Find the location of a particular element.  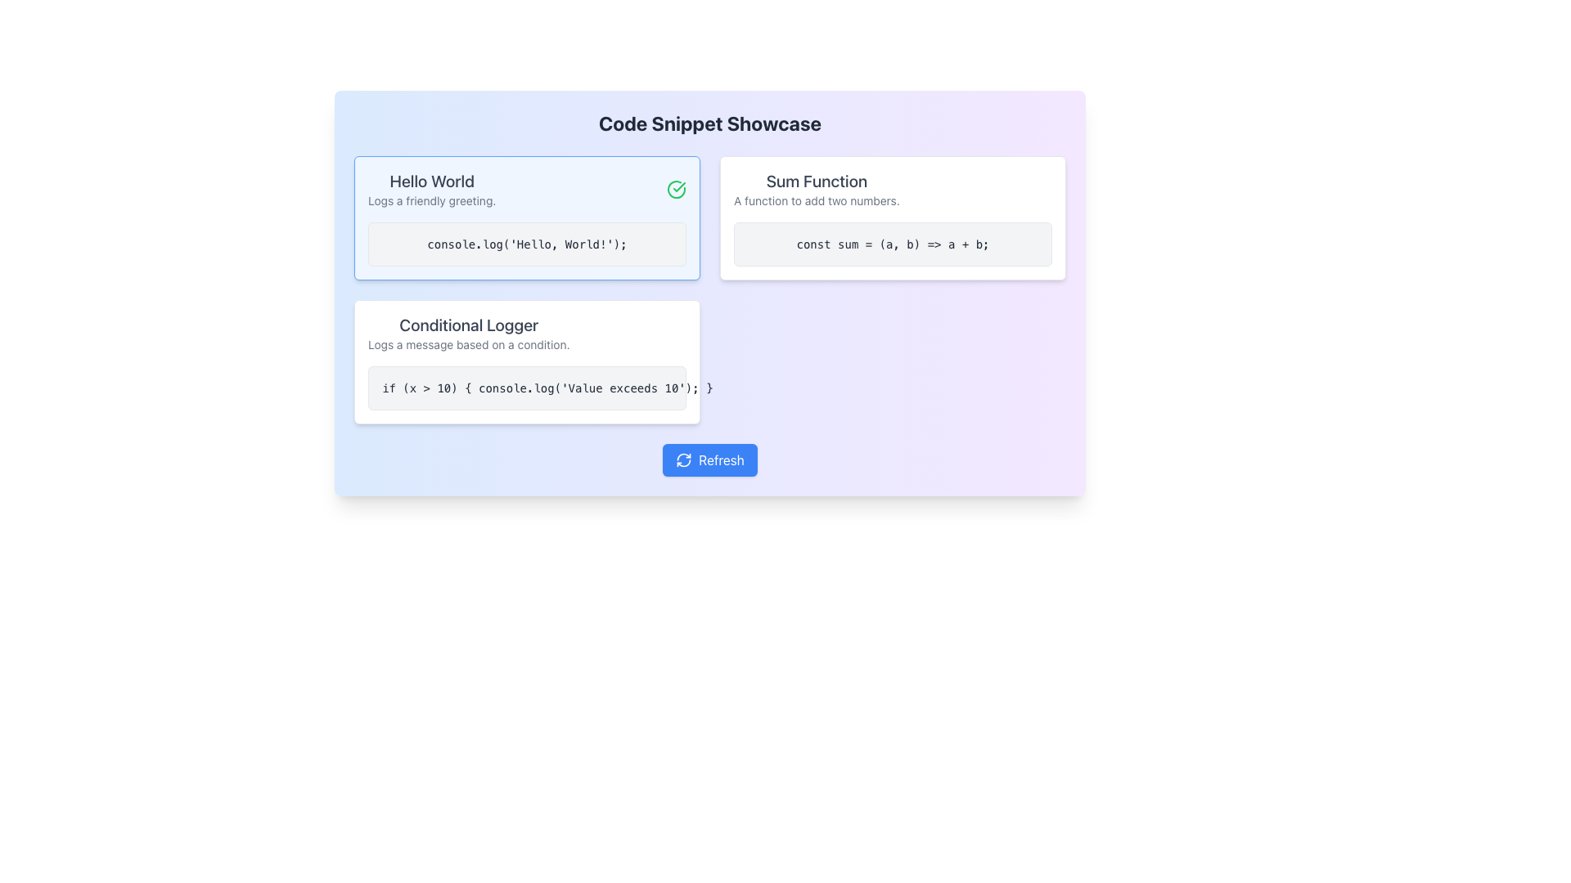

the bold and large text element displayed as 'Hello World', which acts as a title or heading for the section is located at coordinates (432, 182).